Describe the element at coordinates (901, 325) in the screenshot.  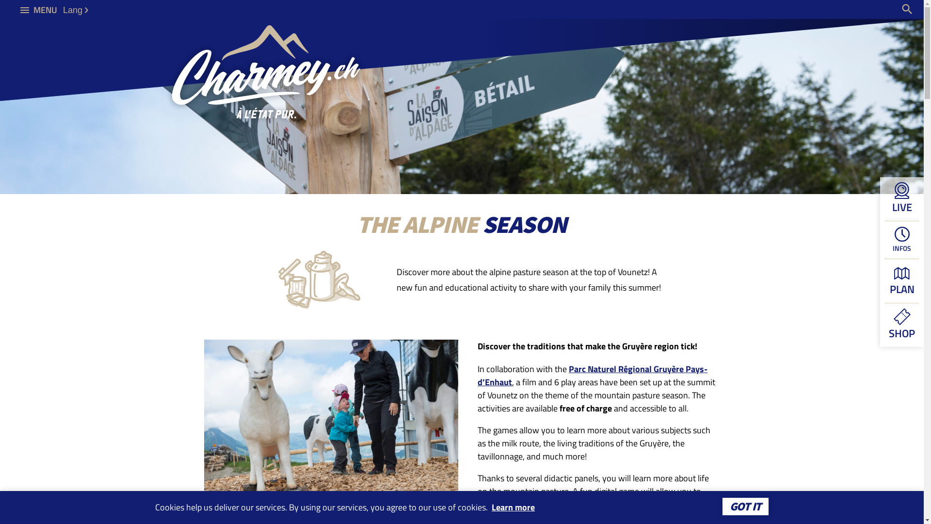
I see `'SHOP'` at that location.